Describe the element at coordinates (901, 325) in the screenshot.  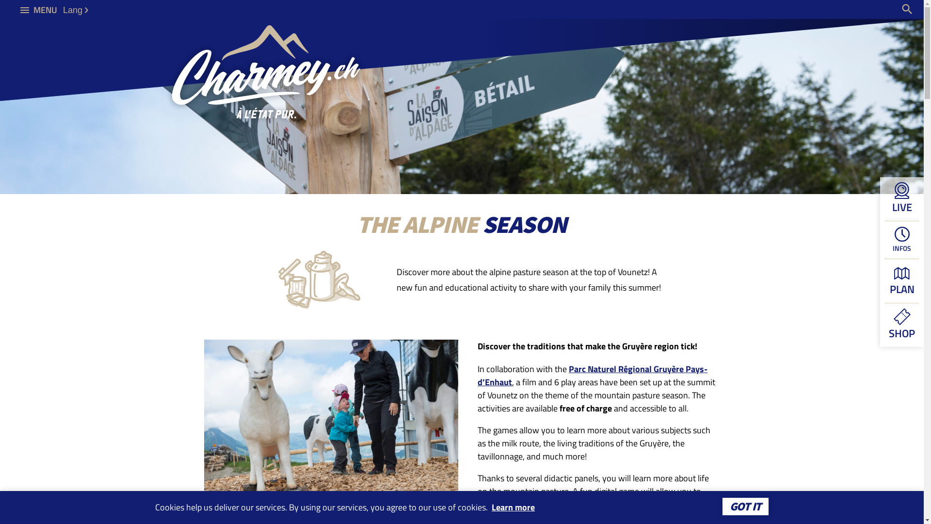
I see `'SHOP'` at that location.